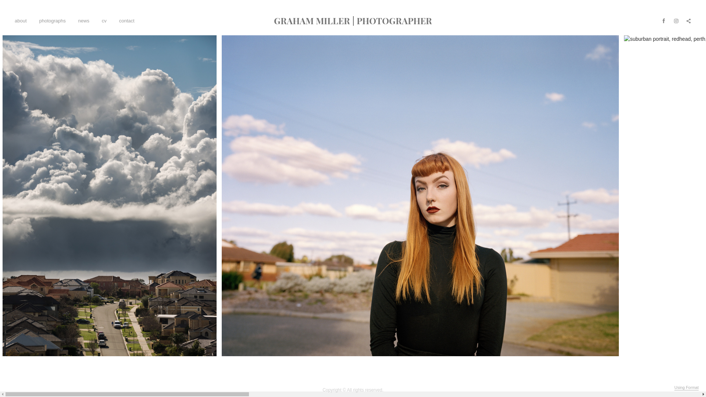  Describe the element at coordinates (78, 20) in the screenshot. I see `'news'` at that location.